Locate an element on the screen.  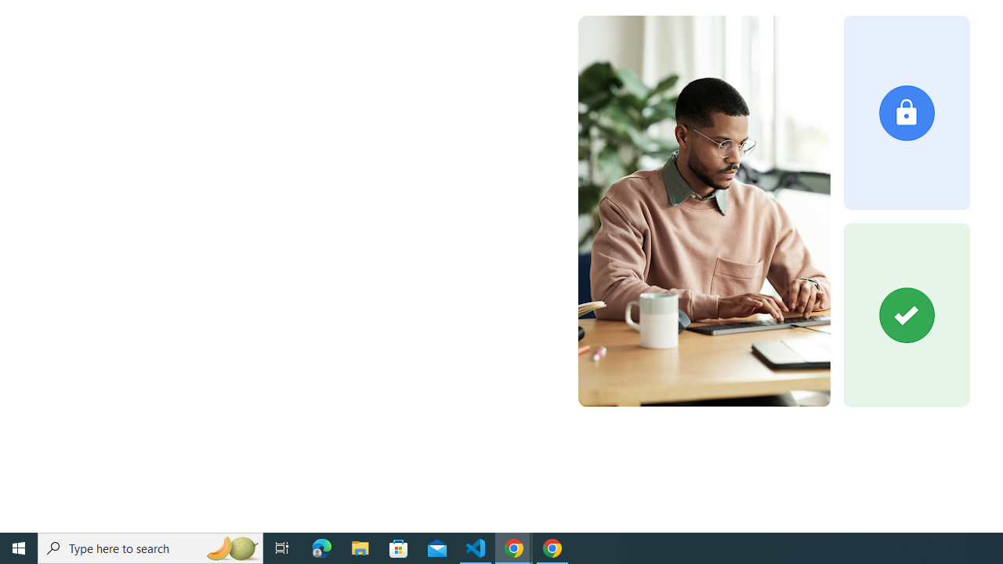
'File Explorer' is located at coordinates (360, 547).